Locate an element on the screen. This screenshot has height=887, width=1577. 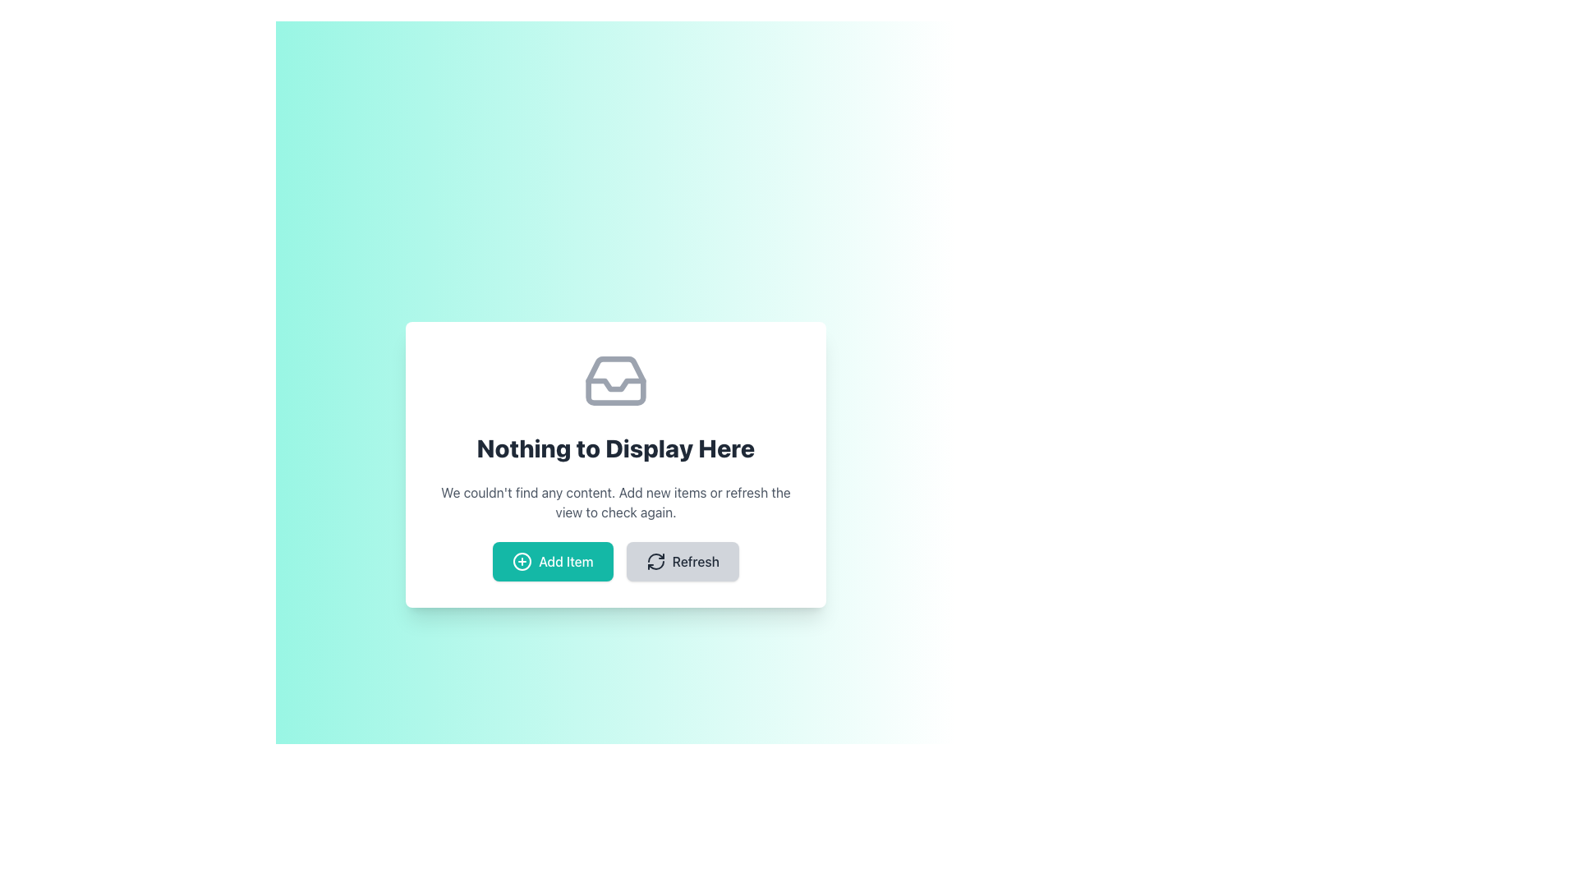
the icon located within the 'Add Item' button is located at coordinates (522, 560).